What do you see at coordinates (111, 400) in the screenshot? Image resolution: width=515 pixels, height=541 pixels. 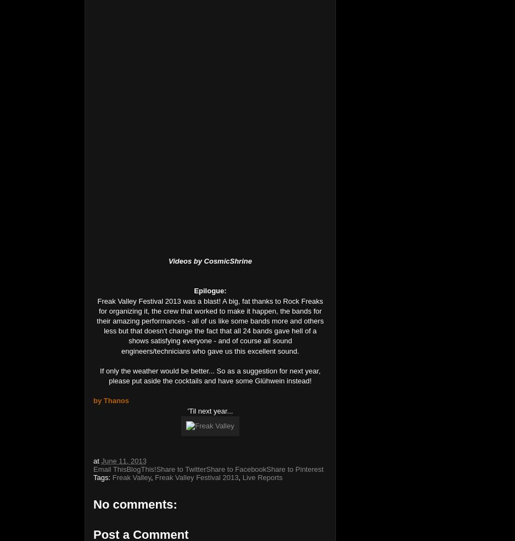 I see `'by Thanos'` at bounding box center [111, 400].